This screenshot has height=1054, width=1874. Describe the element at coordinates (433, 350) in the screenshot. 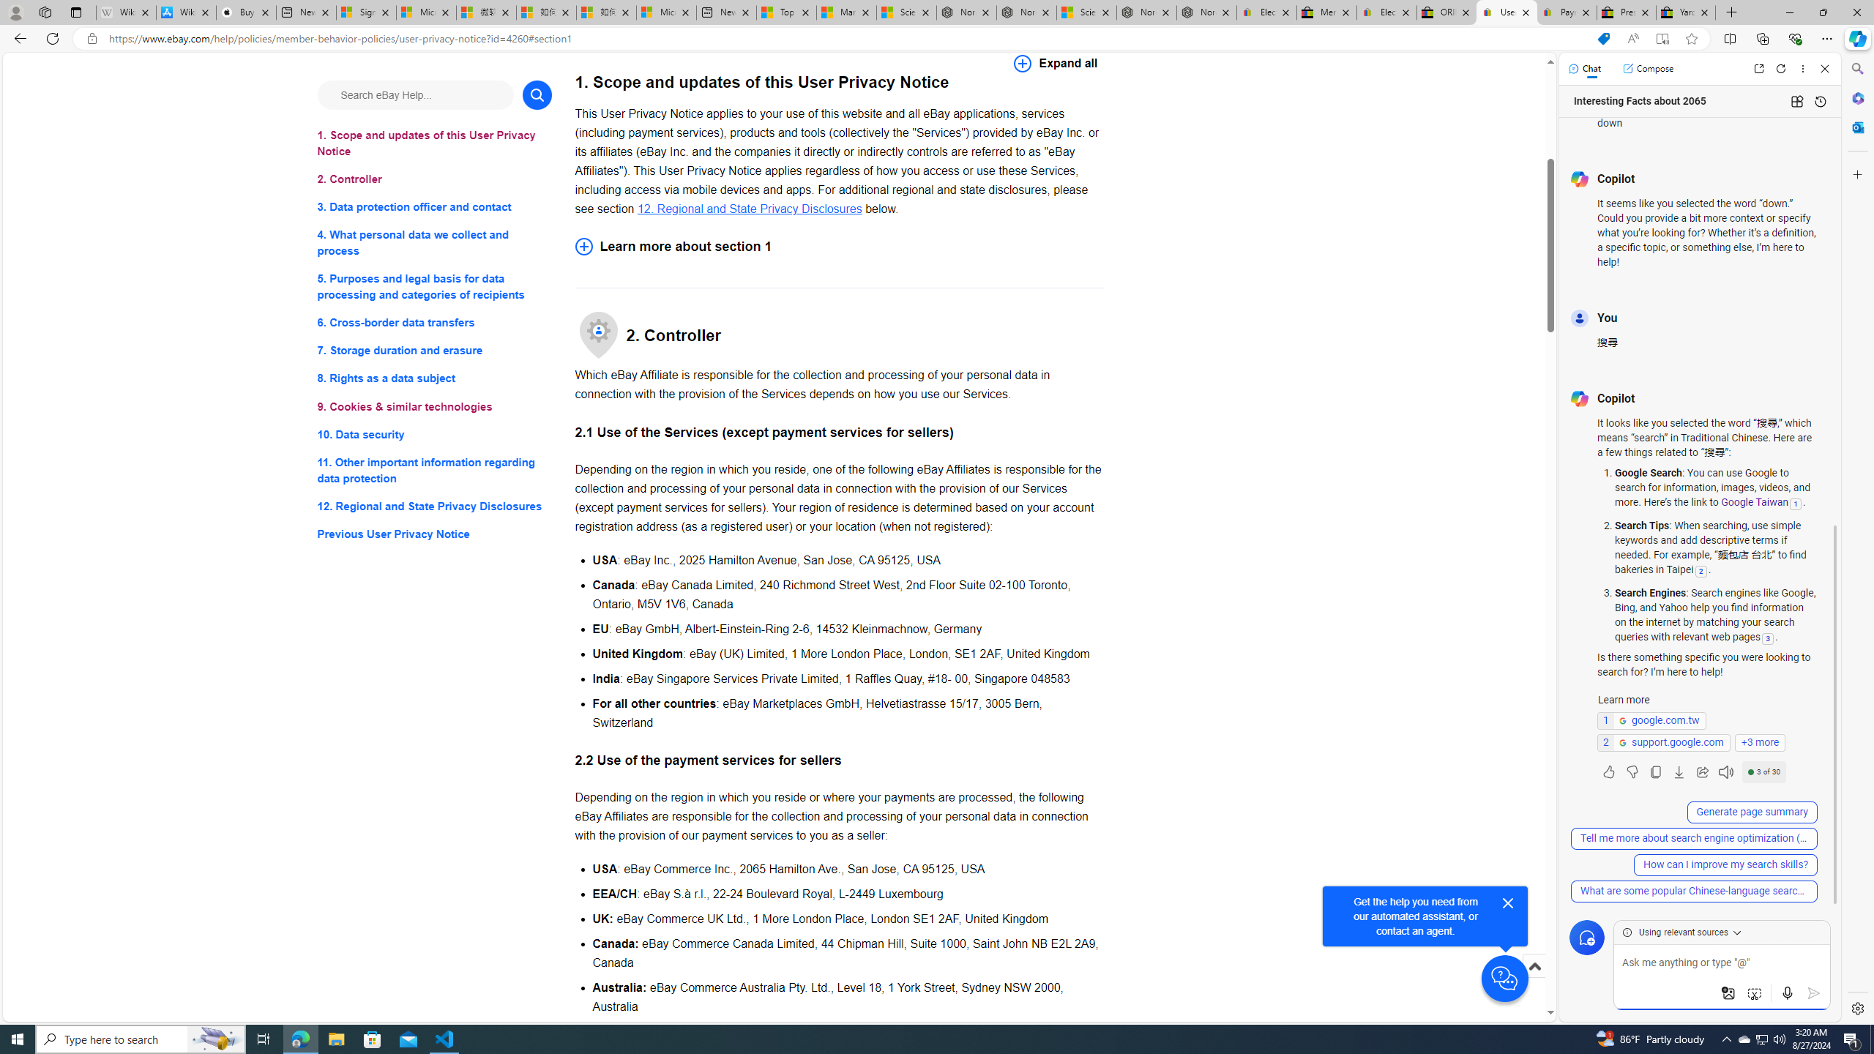

I see `'7. Storage duration and erasure'` at that location.